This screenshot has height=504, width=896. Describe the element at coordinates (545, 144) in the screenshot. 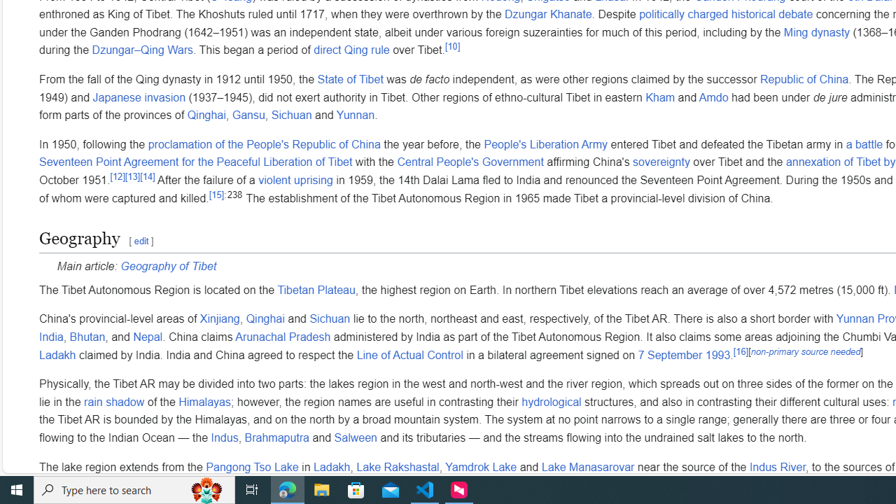

I see `'People'` at that location.